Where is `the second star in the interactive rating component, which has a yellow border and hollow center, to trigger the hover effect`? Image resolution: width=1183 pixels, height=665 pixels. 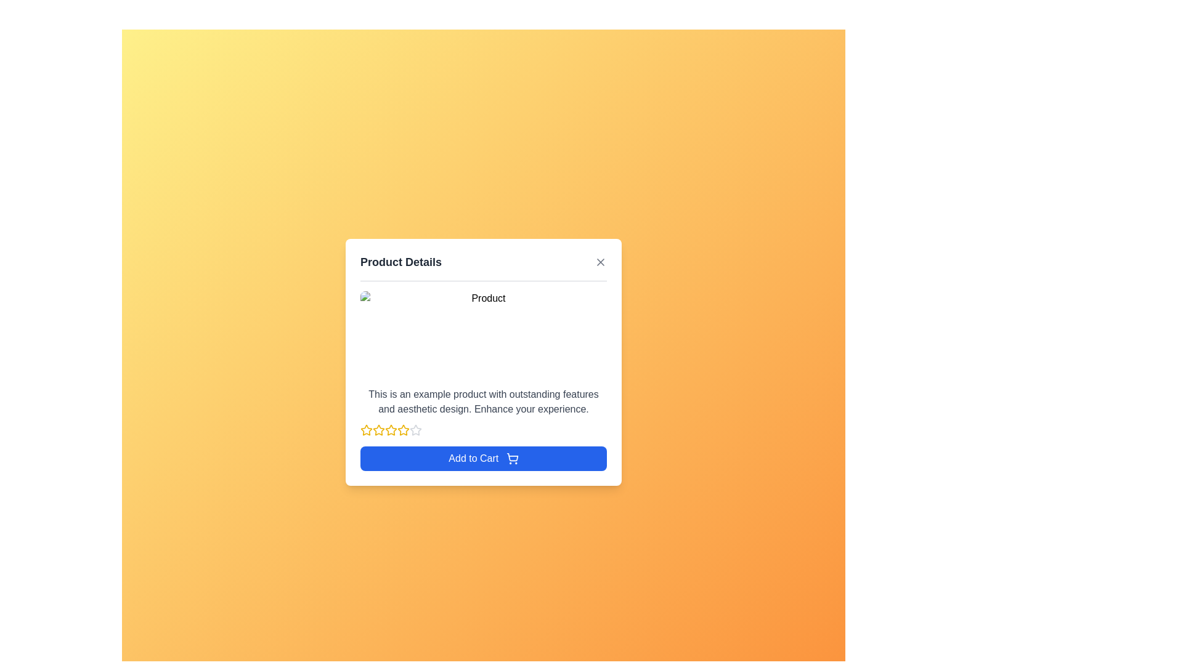 the second star in the interactive rating component, which has a yellow border and hollow center, to trigger the hover effect is located at coordinates (378, 429).